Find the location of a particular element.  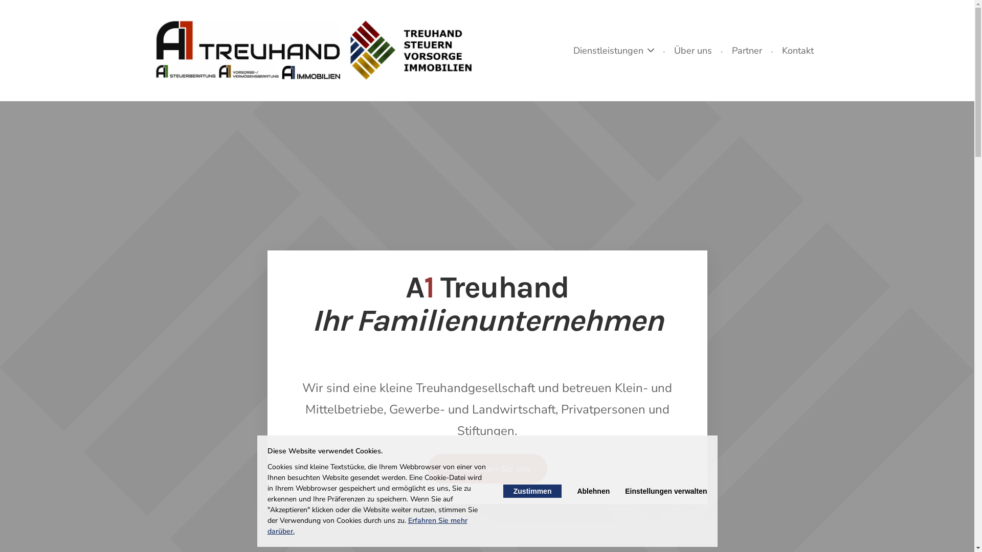

'Ablehnen' is located at coordinates (593, 490).